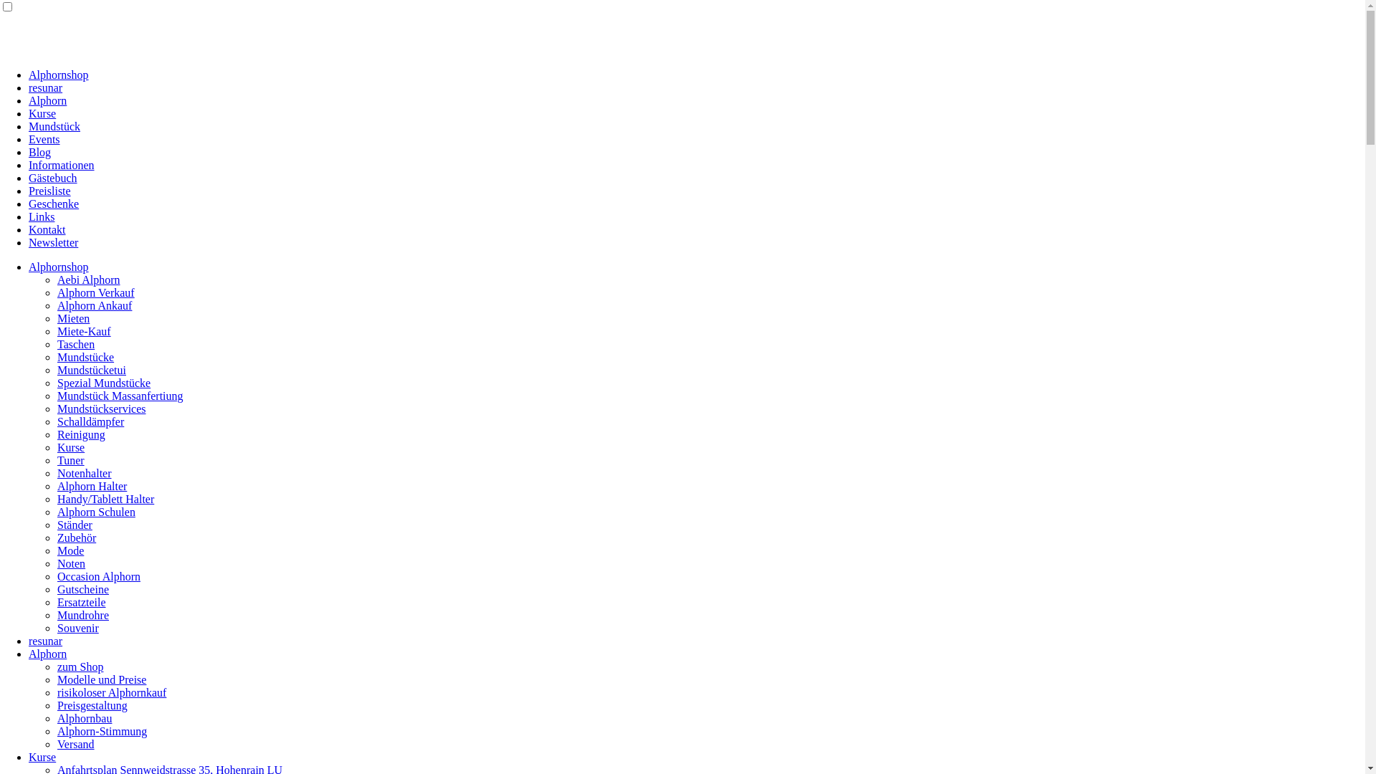 Image resolution: width=1376 pixels, height=774 pixels. I want to click on 'Versand', so click(75, 743).